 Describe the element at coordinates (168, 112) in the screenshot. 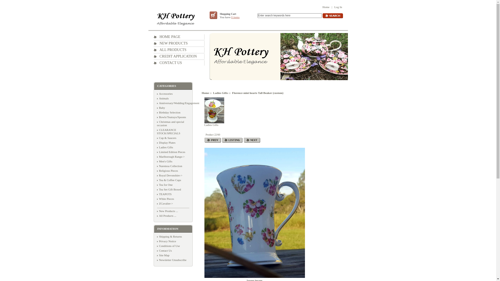

I see `'Birthday Selection'` at that location.